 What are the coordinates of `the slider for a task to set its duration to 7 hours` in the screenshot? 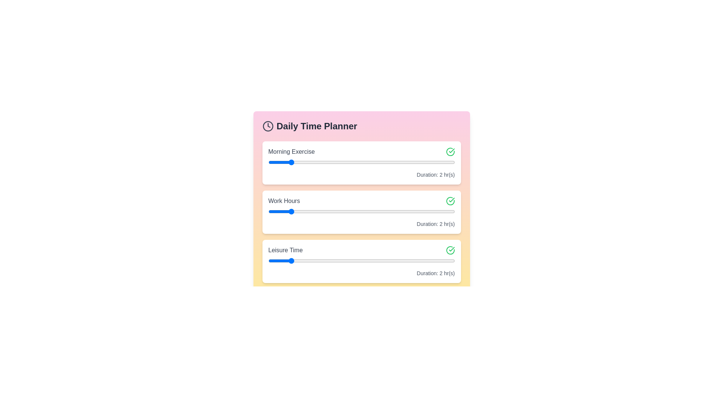 It's located at (392, 162).